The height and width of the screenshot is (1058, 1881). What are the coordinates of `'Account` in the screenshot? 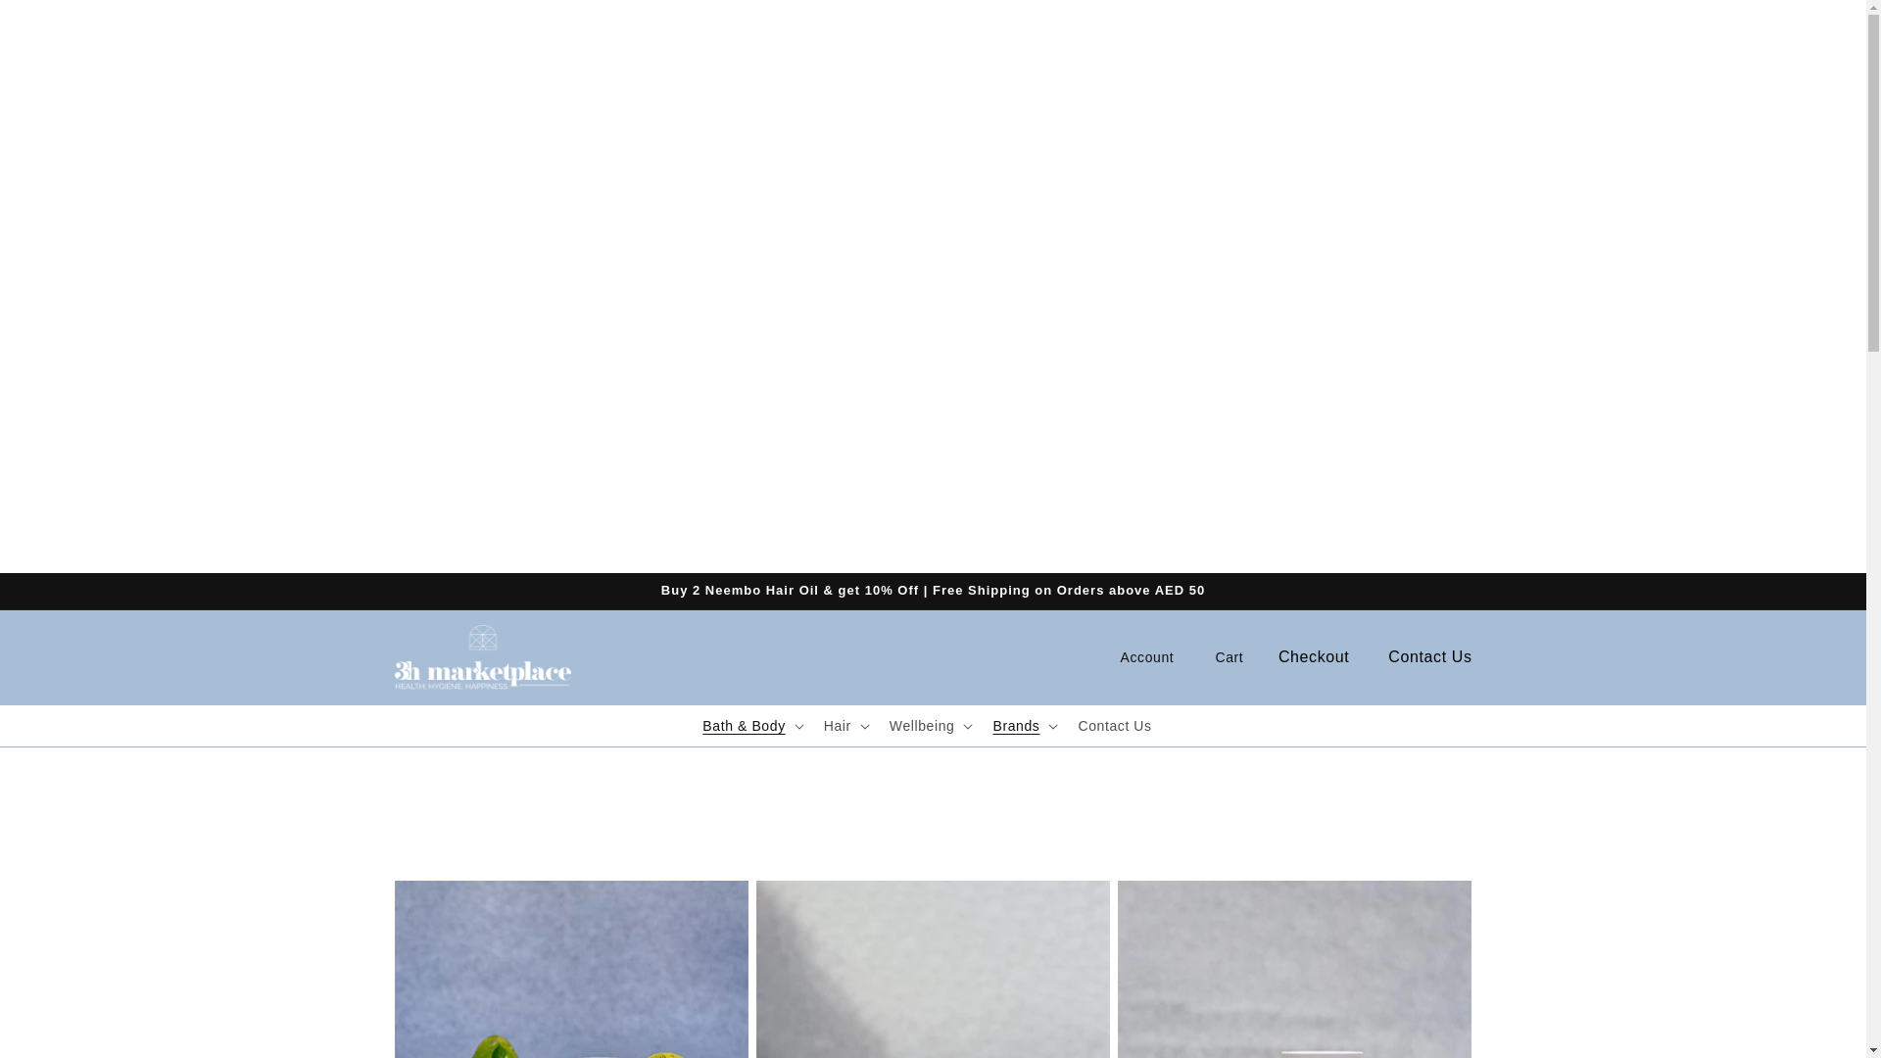 It's located at (1147, 657).